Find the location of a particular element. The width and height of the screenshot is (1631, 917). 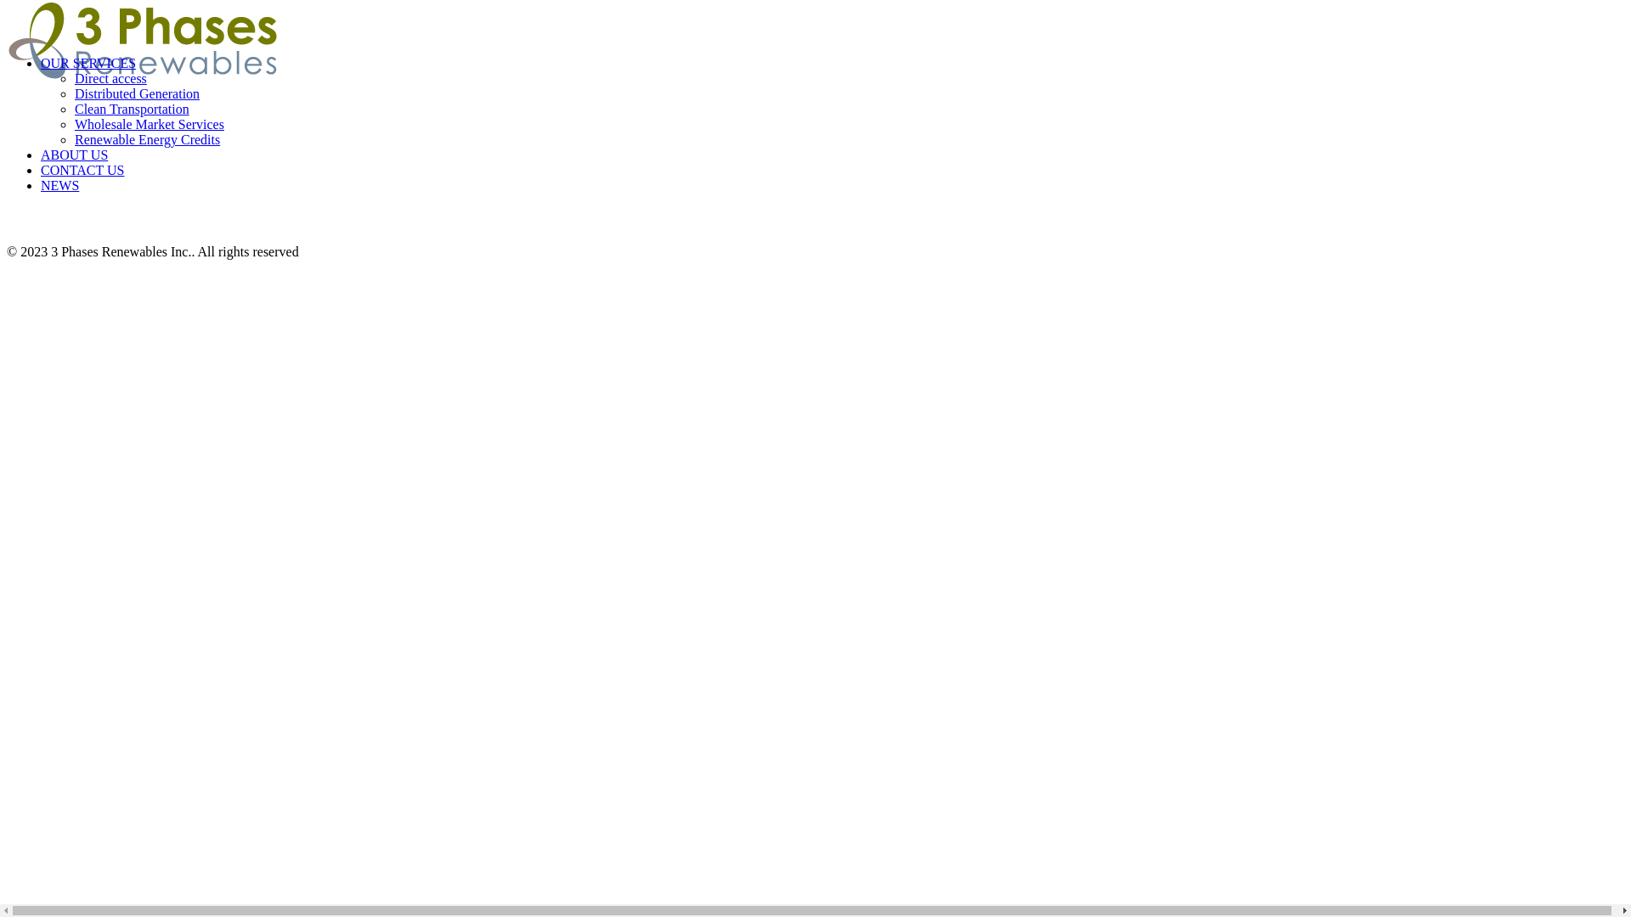

'Direct access' is located at coordinates (110, 78).